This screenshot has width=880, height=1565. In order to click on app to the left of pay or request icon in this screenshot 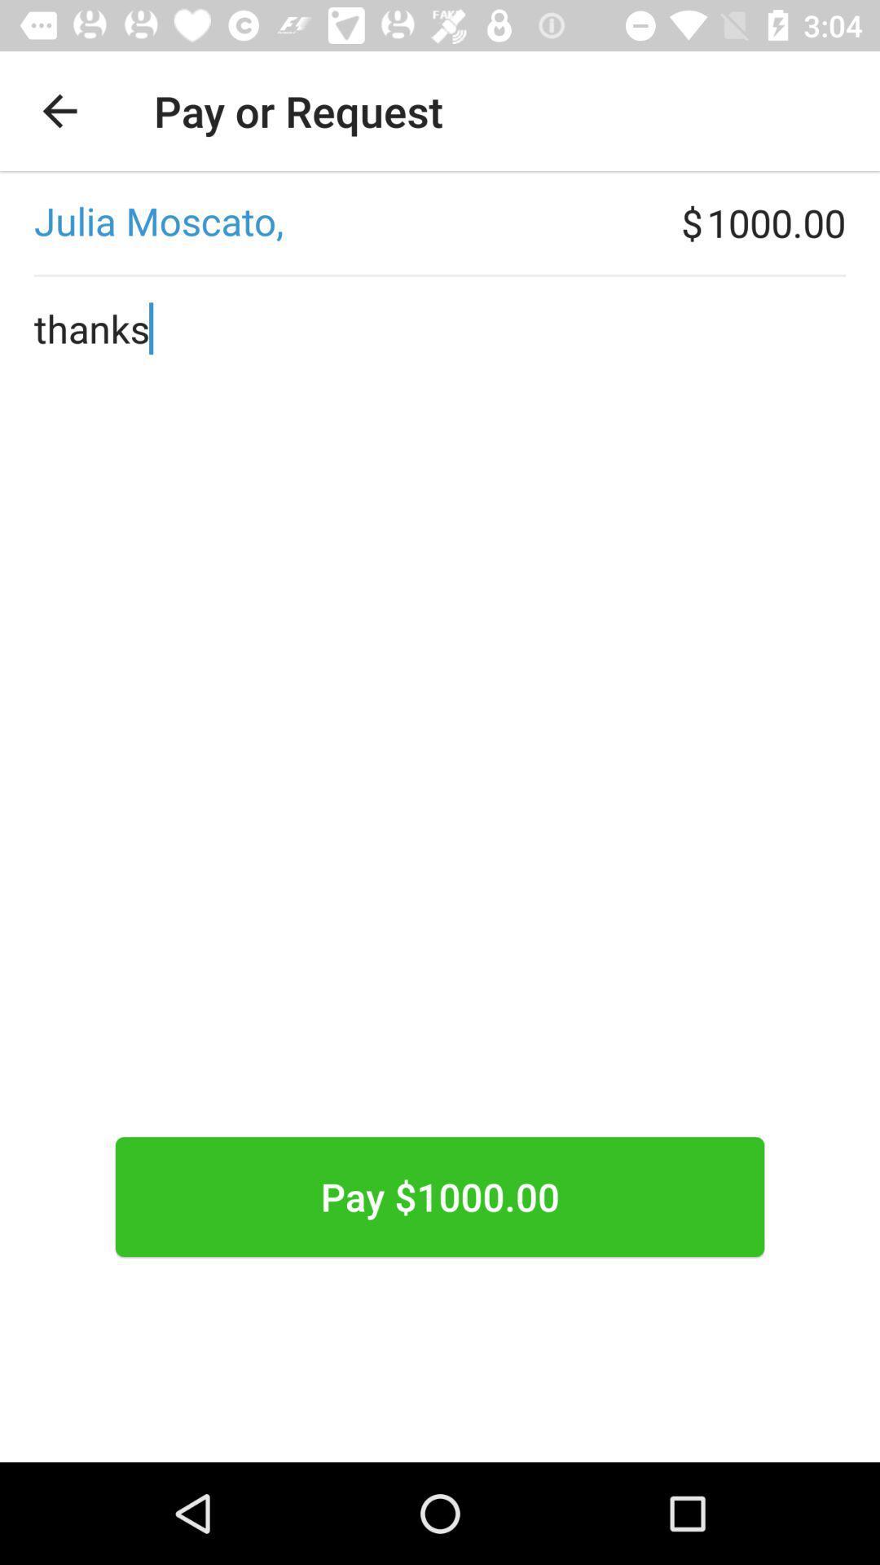, I will do `click(59, 110)`.